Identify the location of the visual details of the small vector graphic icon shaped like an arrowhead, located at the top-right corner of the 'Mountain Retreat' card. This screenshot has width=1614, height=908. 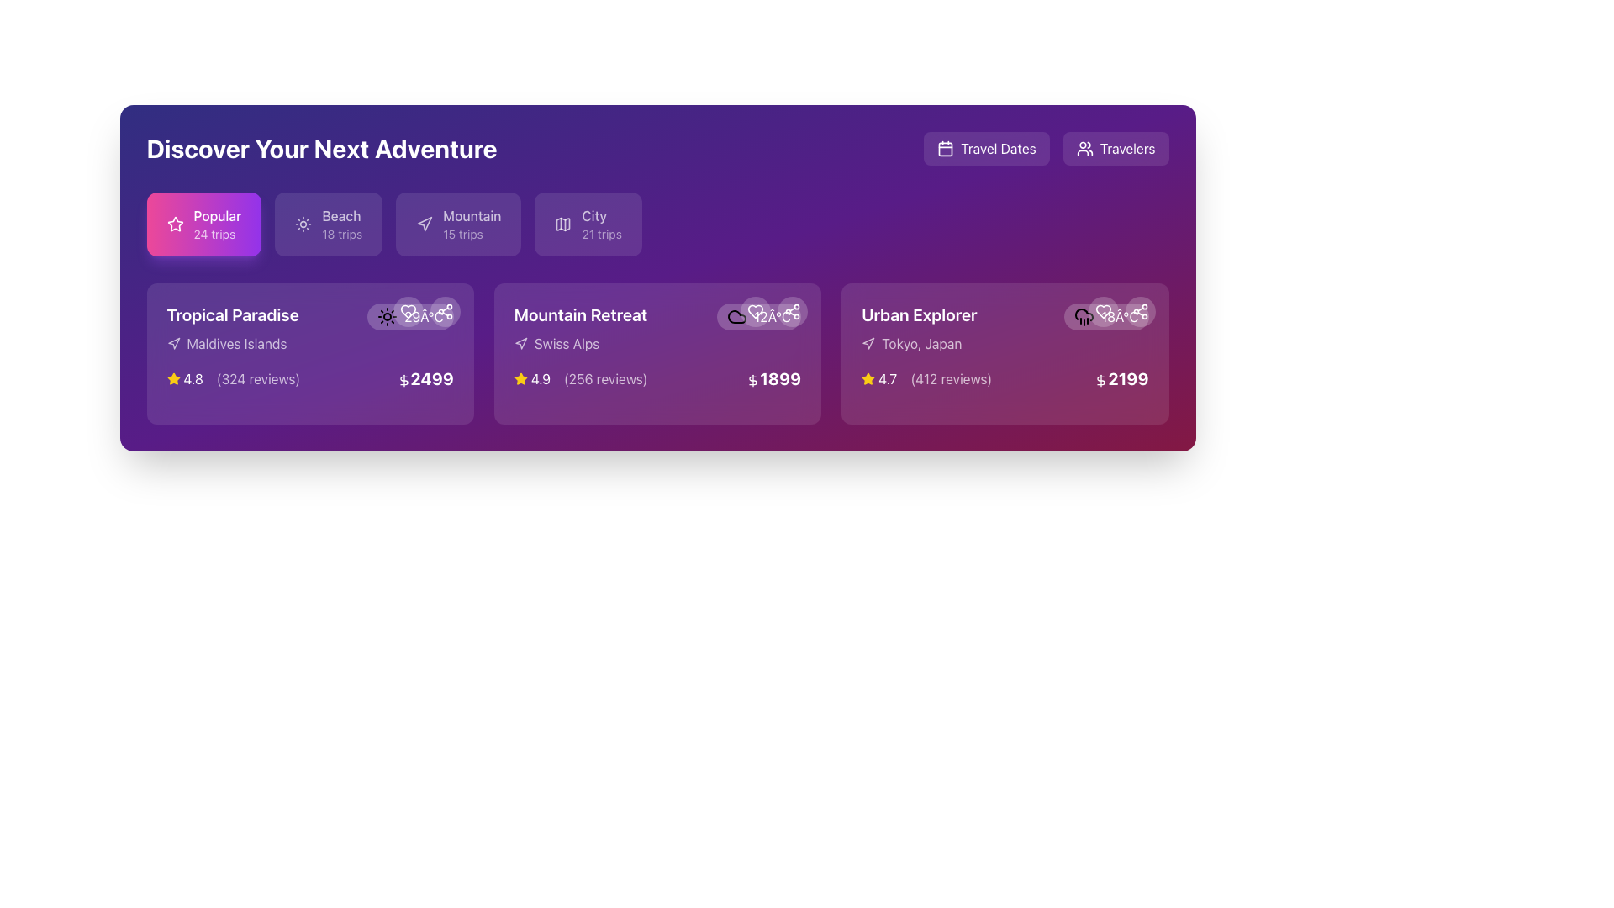
(520, 342).